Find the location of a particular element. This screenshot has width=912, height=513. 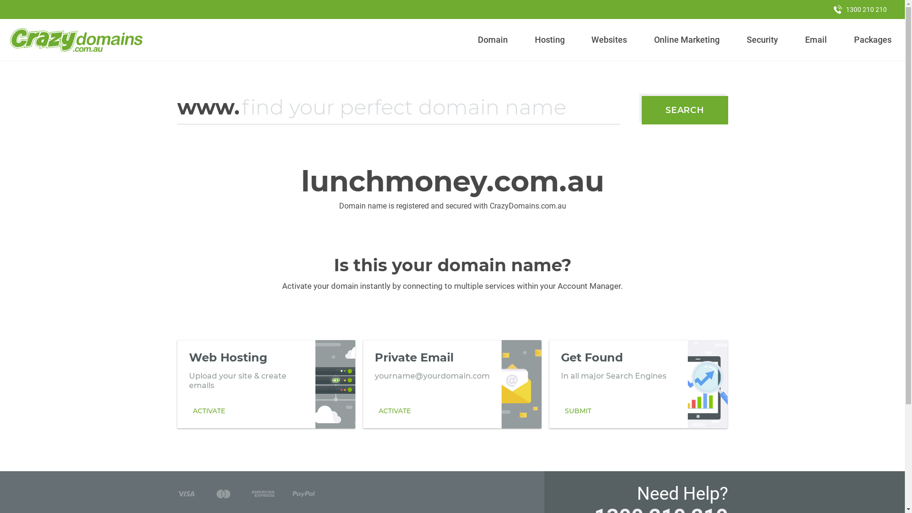

'1300 210 210' is located at coordinates (860, 9).